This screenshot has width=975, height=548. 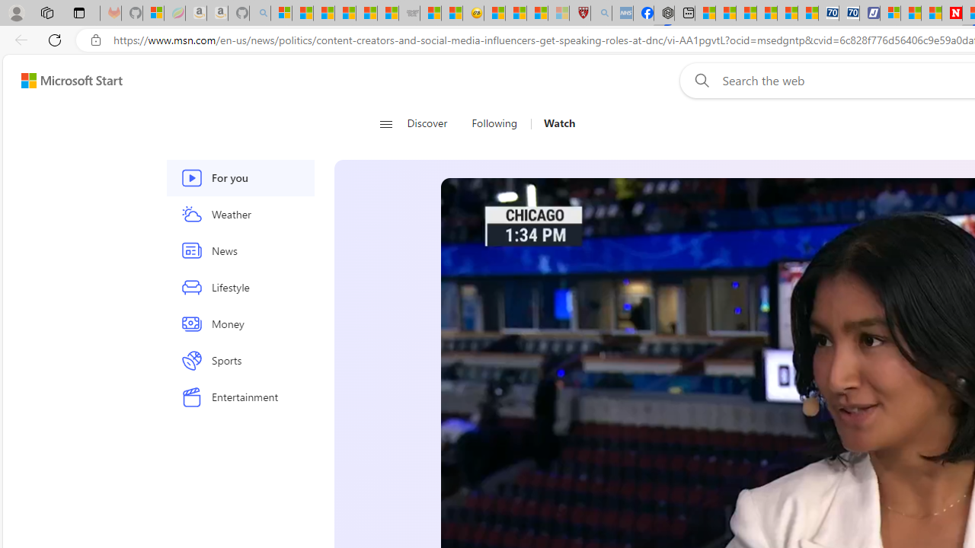 What do you see at coordinates (323, 13) in the screenshot?
I see `'The Weather Channel - MSN'` at bounding box center [323, 13].